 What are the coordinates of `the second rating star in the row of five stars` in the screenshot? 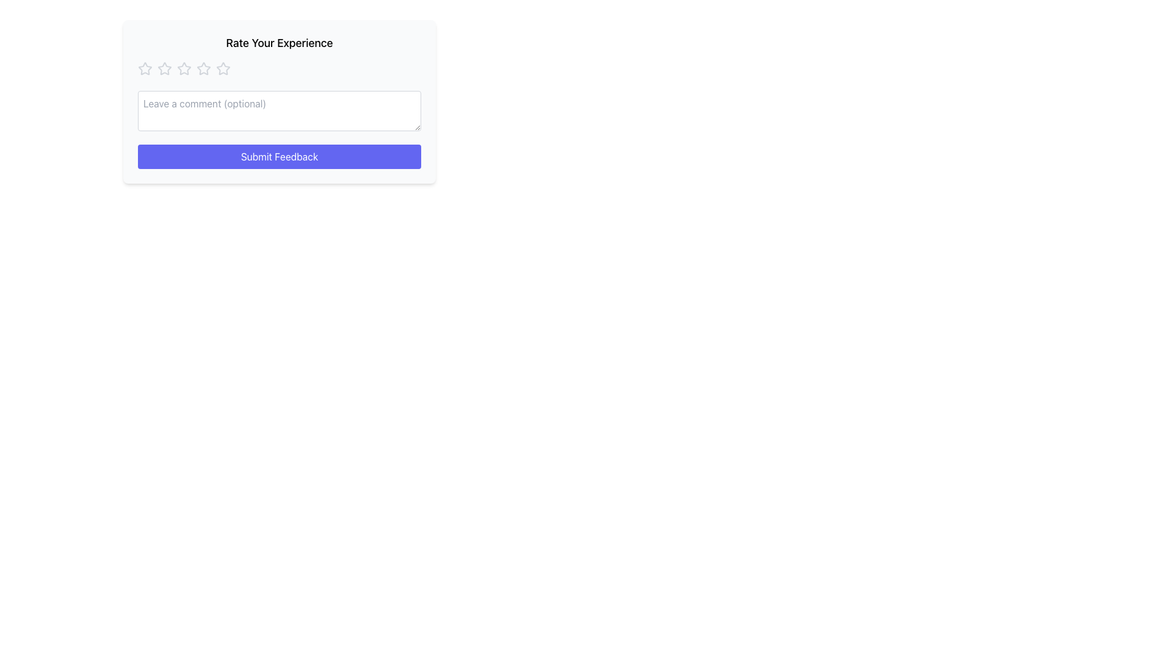 It's located at (164, 68).